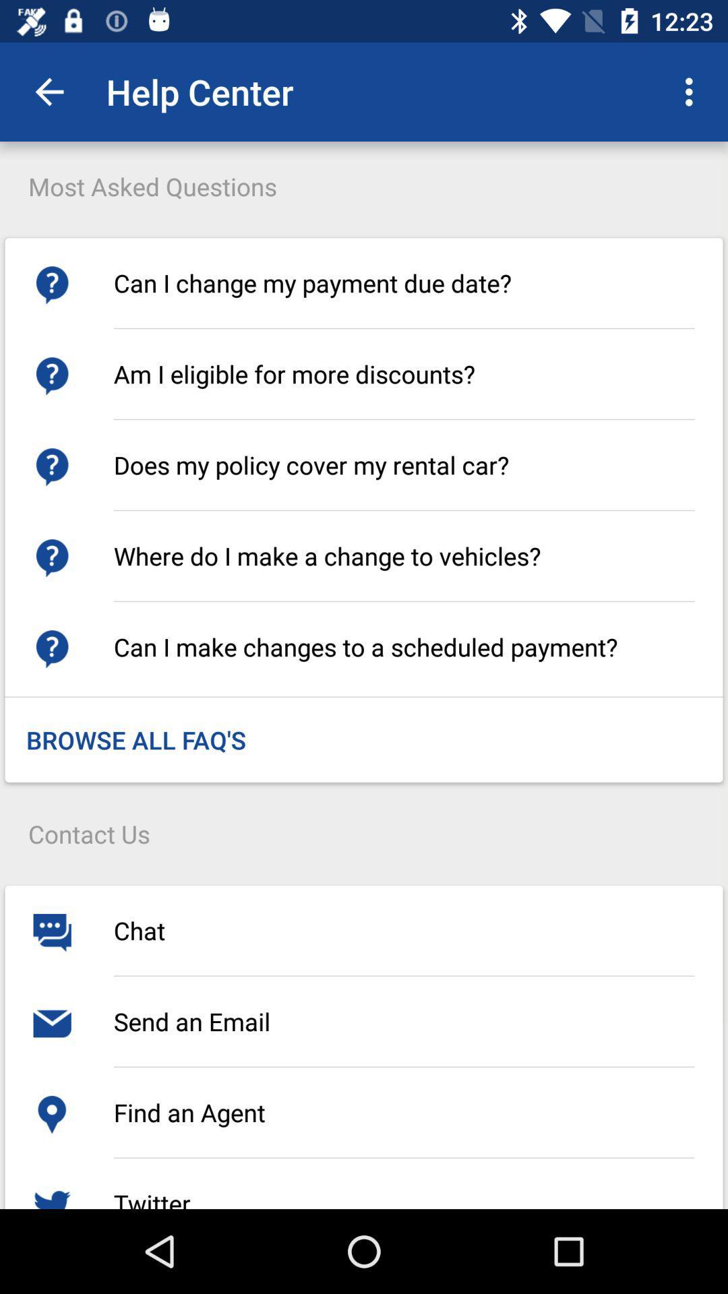  Describe the element at coordinates (49, 91) in the screenshot. I see `icon above the most asked questions icon` at that location.